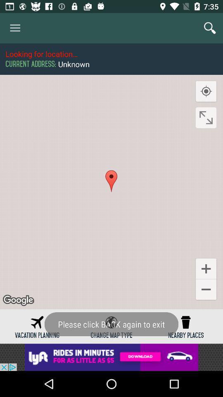 Image resolution: width=223 pixels, height=397 pixels. Describe the element at coordinates (206, 117) in the screenshot. I see `the fullscreen icon` at that location.